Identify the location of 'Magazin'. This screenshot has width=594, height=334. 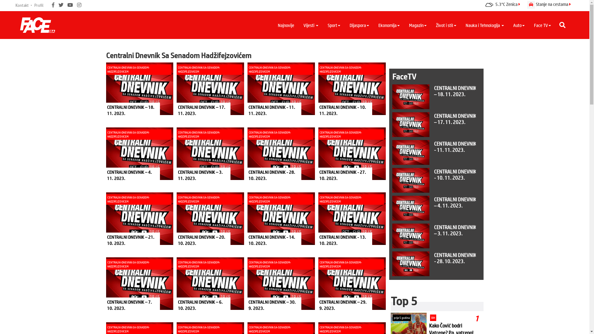
(418, 25).